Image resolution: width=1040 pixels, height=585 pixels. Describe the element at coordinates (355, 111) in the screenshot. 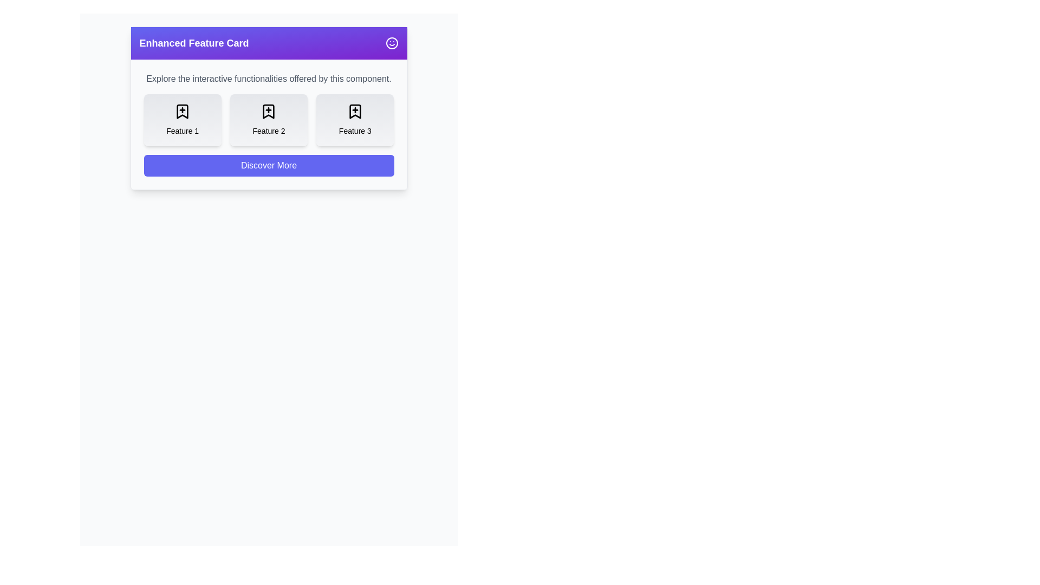

I see `the bookmark icon located within the 'Feature 3' card, which represents an action related to adding a bookmark or saving a feature` at that location.